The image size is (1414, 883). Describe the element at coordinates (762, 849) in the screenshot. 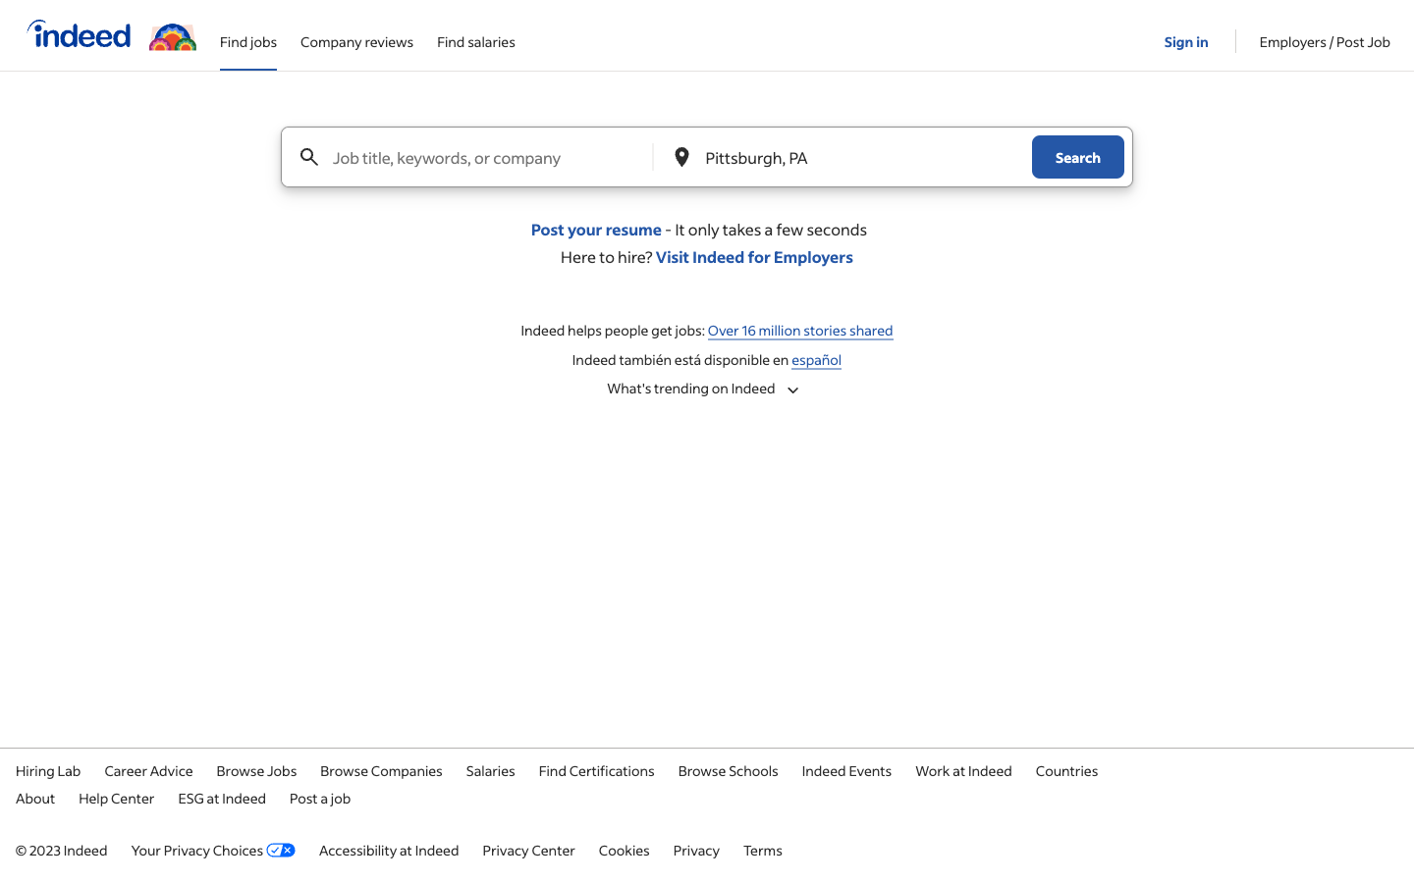

I see `the terms and conditions page` at that location.